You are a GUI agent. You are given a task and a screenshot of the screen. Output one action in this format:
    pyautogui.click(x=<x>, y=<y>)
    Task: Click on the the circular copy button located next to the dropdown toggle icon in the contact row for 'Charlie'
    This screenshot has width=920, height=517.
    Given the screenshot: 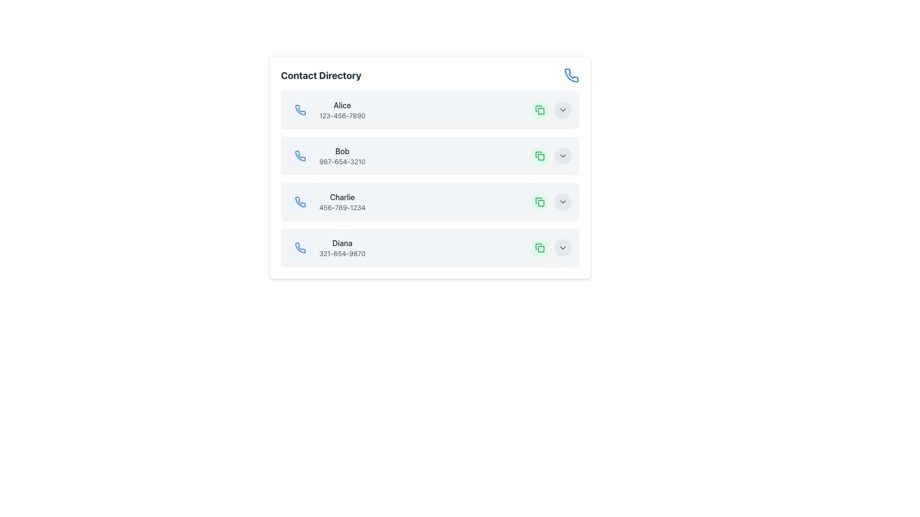 What is the action you would take?
    pyautogui.click(x=540, y=201)
    